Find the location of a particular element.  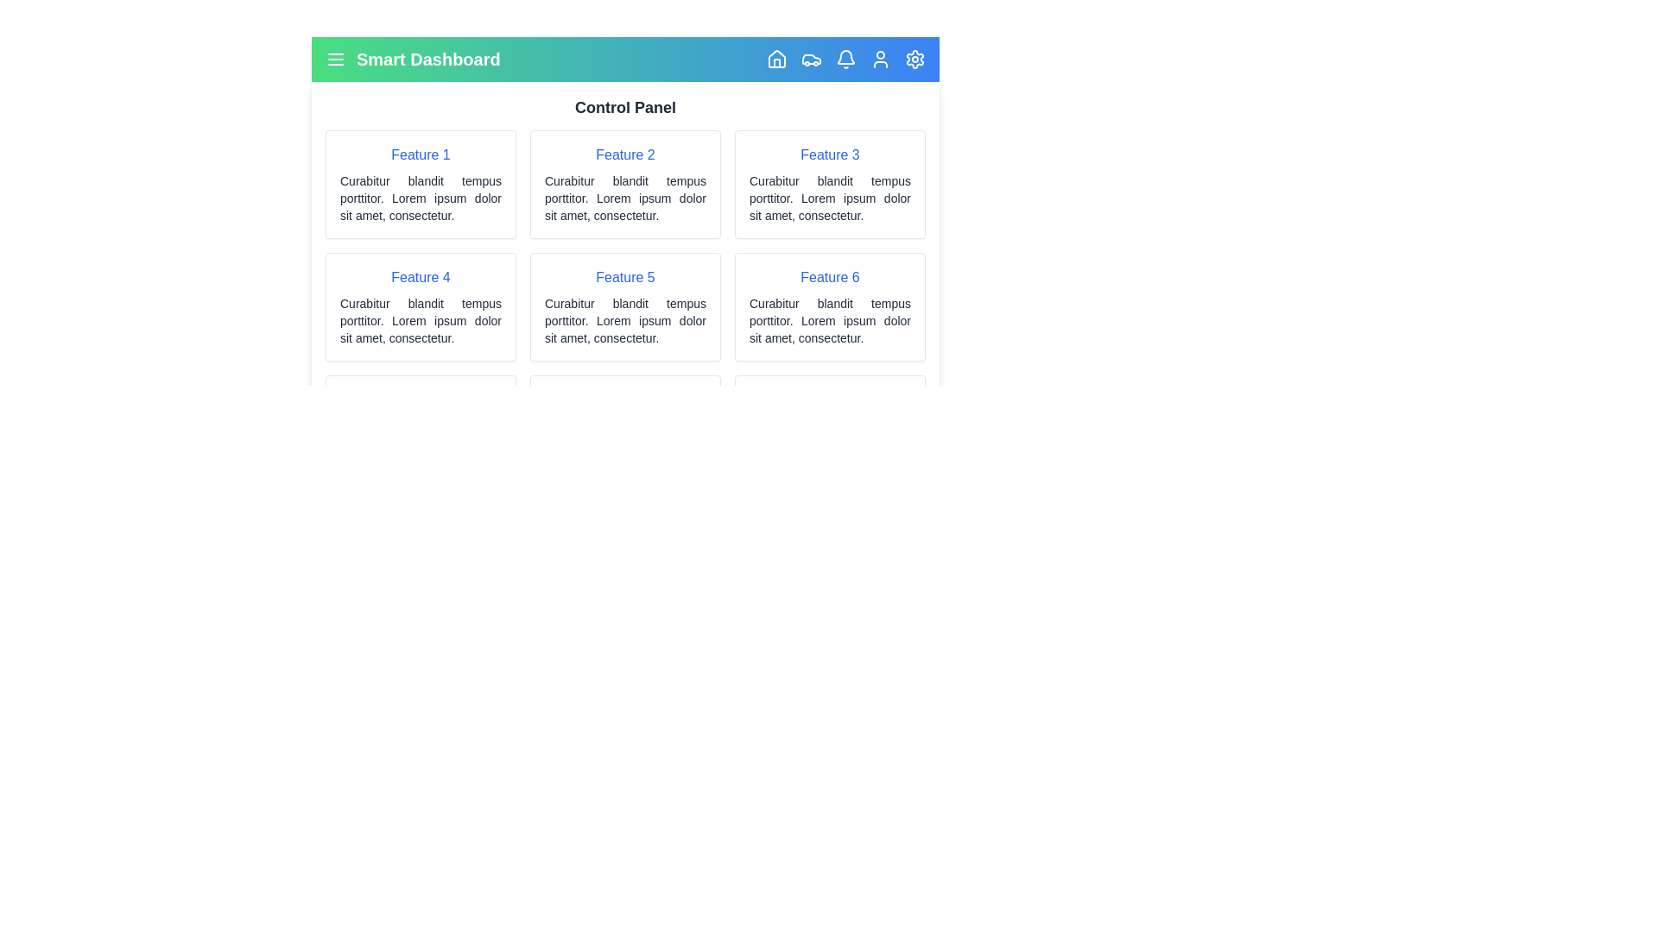

the menu icon to toggle the expansion of the control panel is located at coordinates (335, 59).